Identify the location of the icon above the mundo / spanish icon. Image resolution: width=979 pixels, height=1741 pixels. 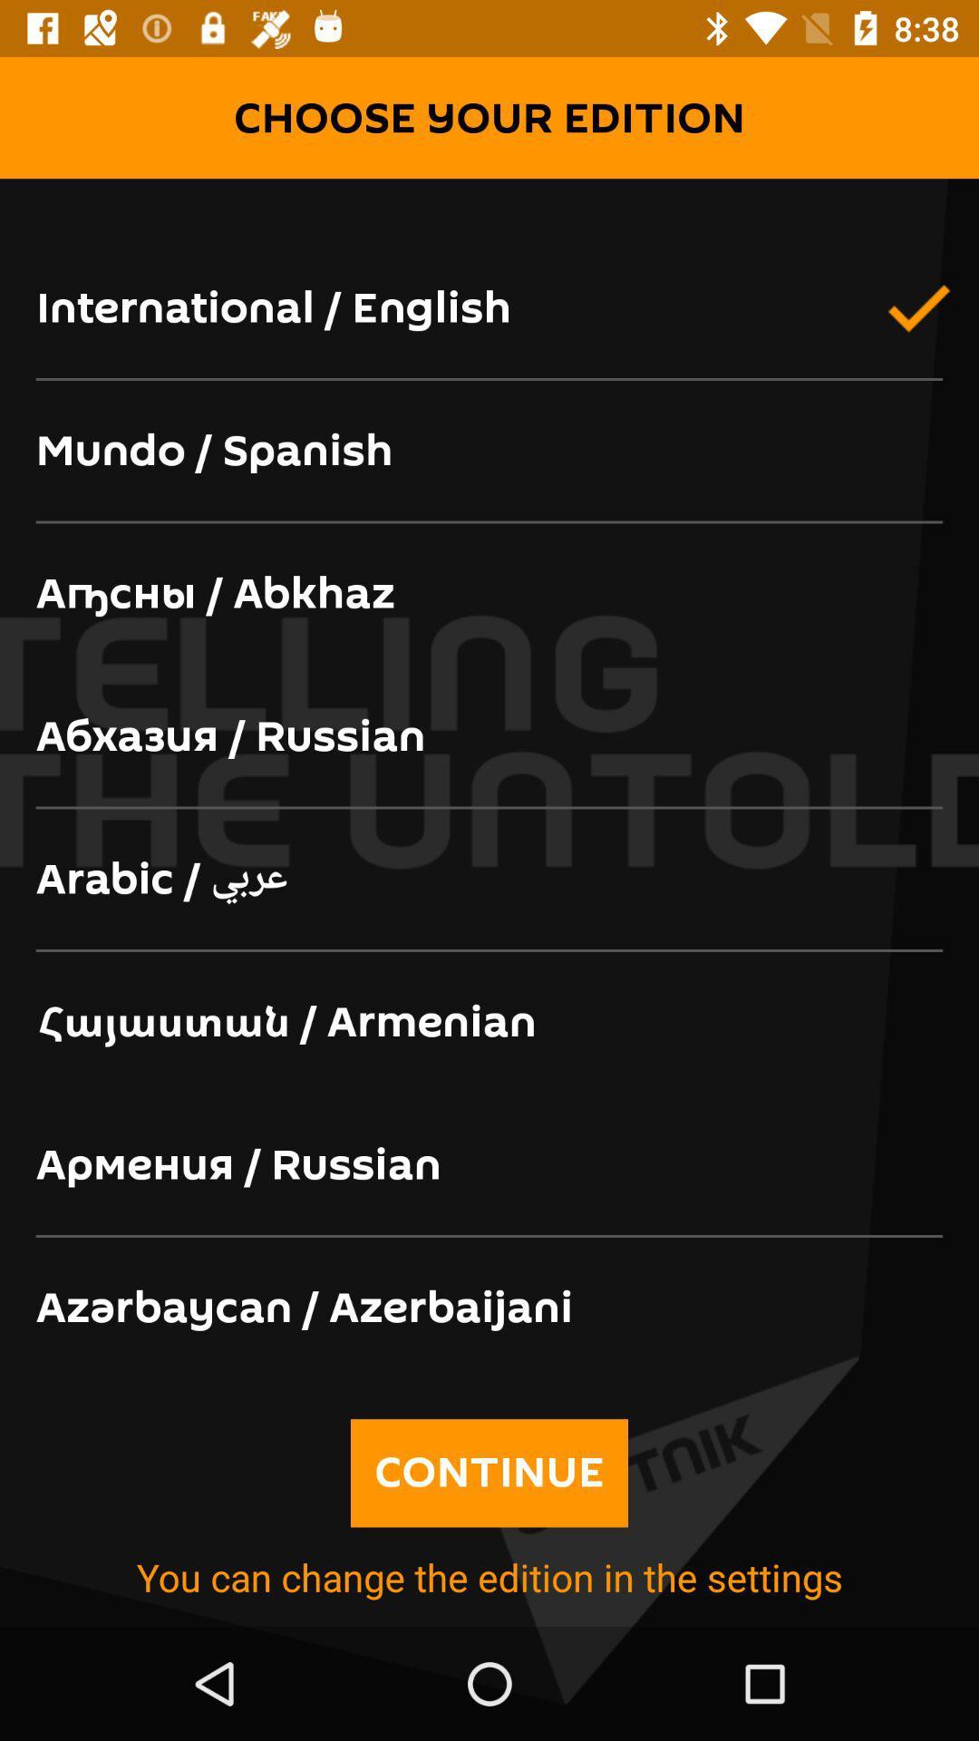
(489, 309).